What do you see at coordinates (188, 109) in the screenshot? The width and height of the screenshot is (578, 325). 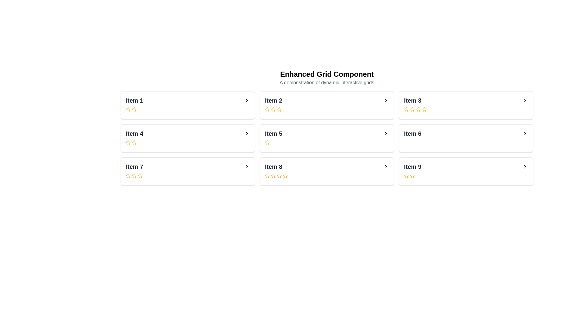 I see `the Rating Component, which displays a rating with yellow stars, located within the card labeled 'Item 1' in the top-left corner of the grid` at bounding box center [188, 109].